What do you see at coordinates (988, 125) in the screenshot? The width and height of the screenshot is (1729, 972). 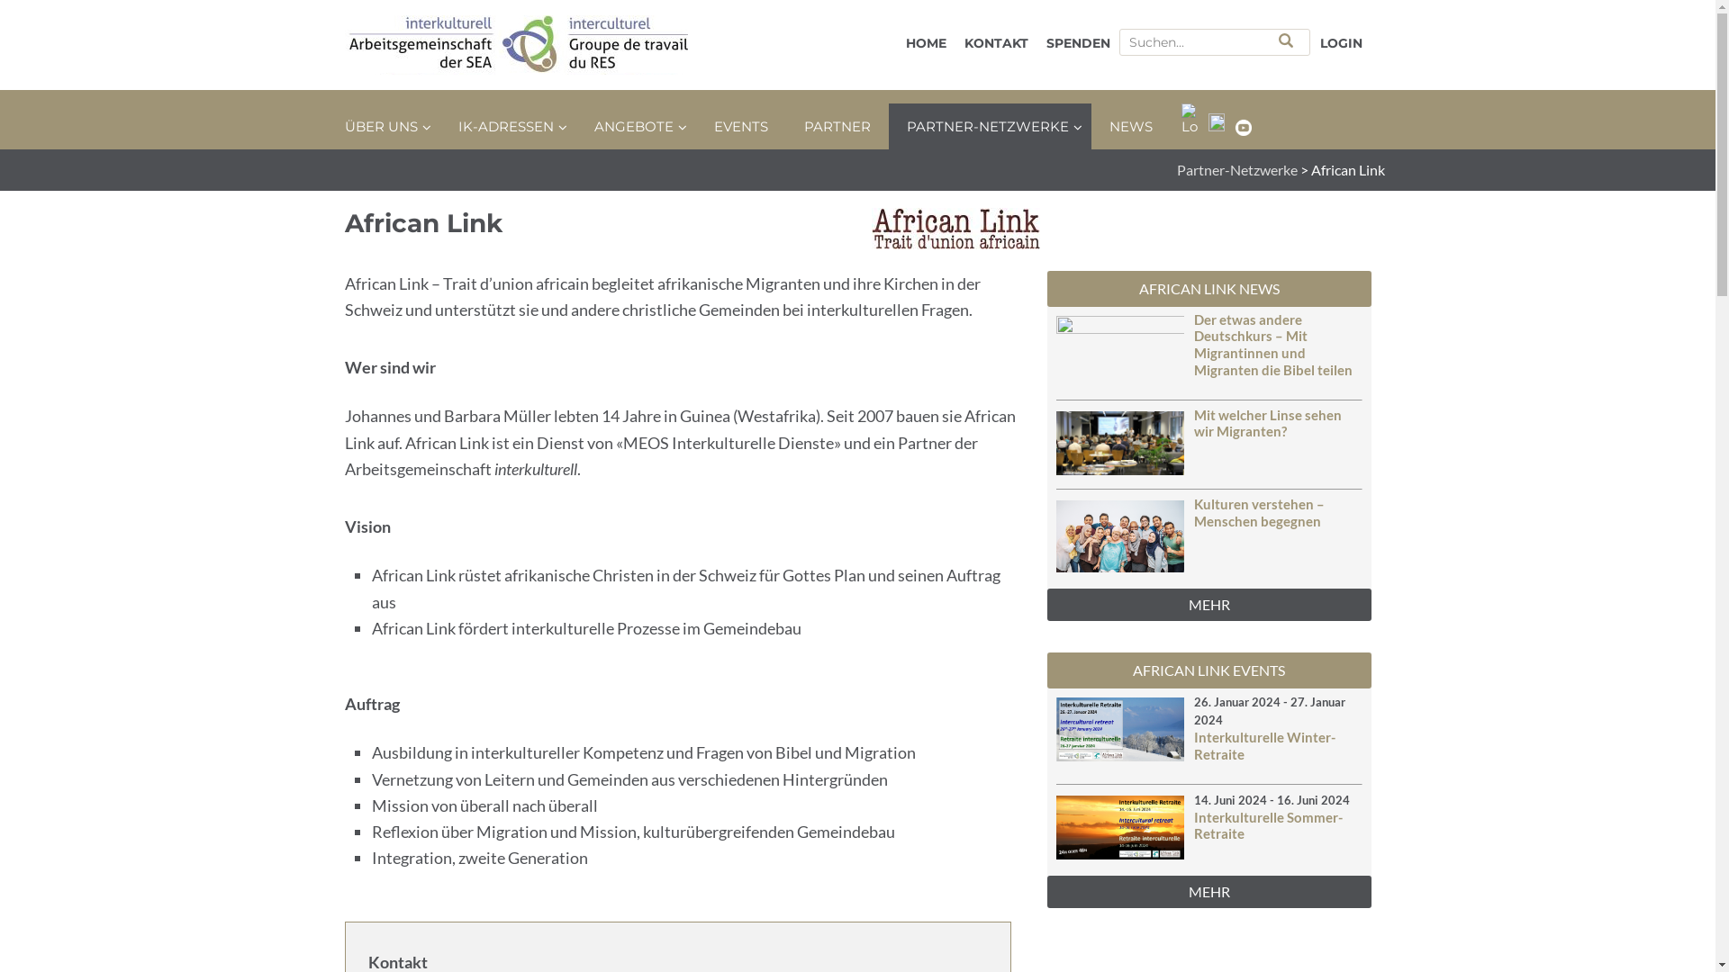 I see `'PARTNER-NETZWERKE'` at bounding box center [988, 125].